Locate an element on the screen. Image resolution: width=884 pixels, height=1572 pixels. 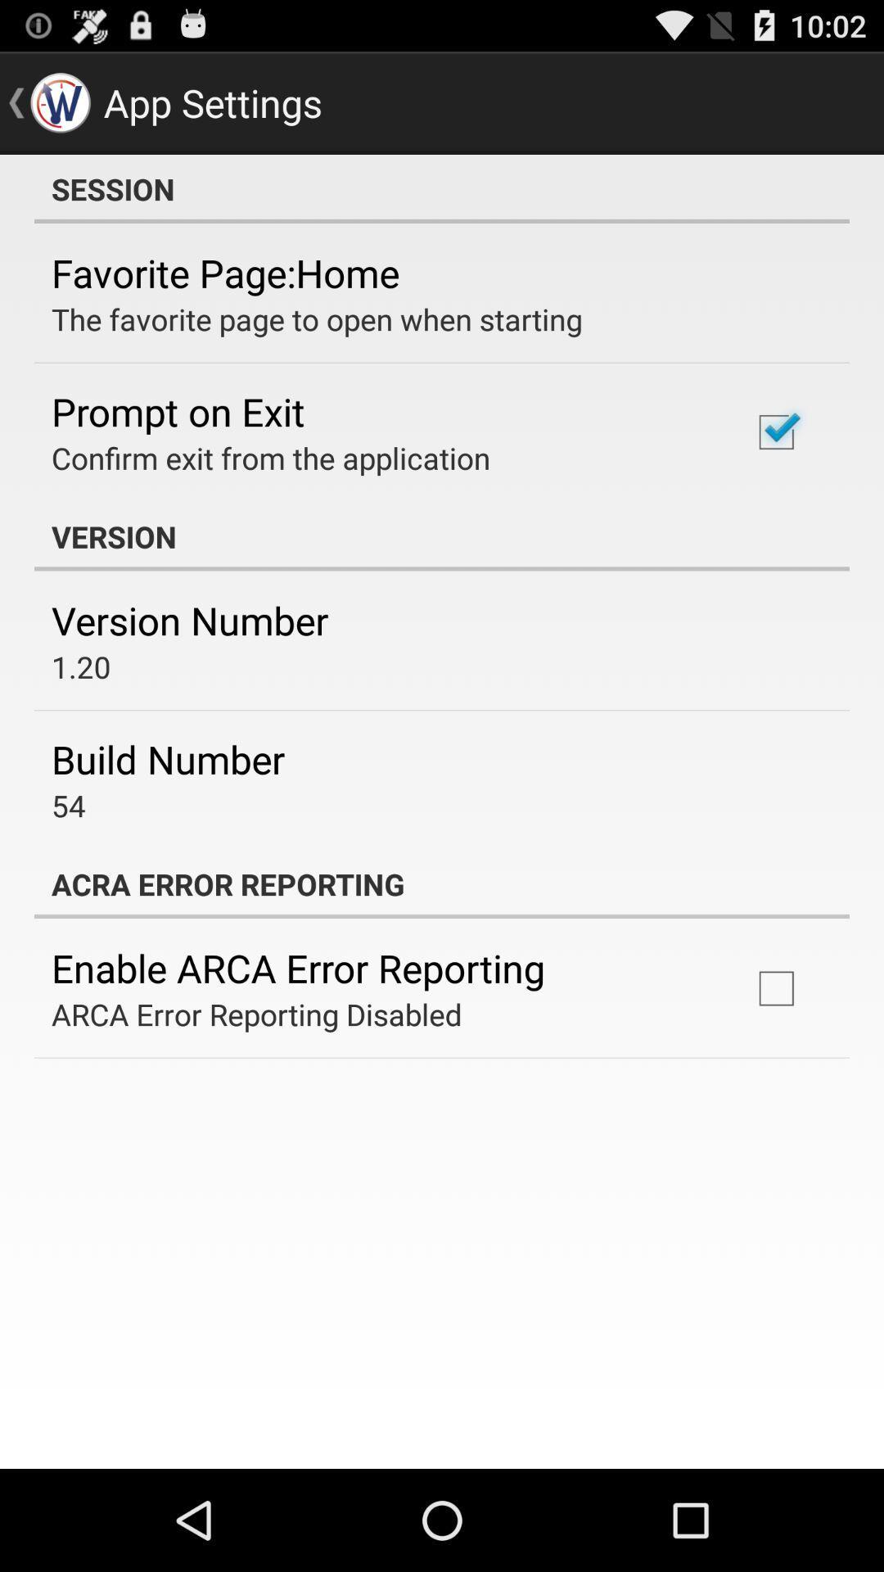
the app above the acra error reporting is located at coordinates (68, 805).